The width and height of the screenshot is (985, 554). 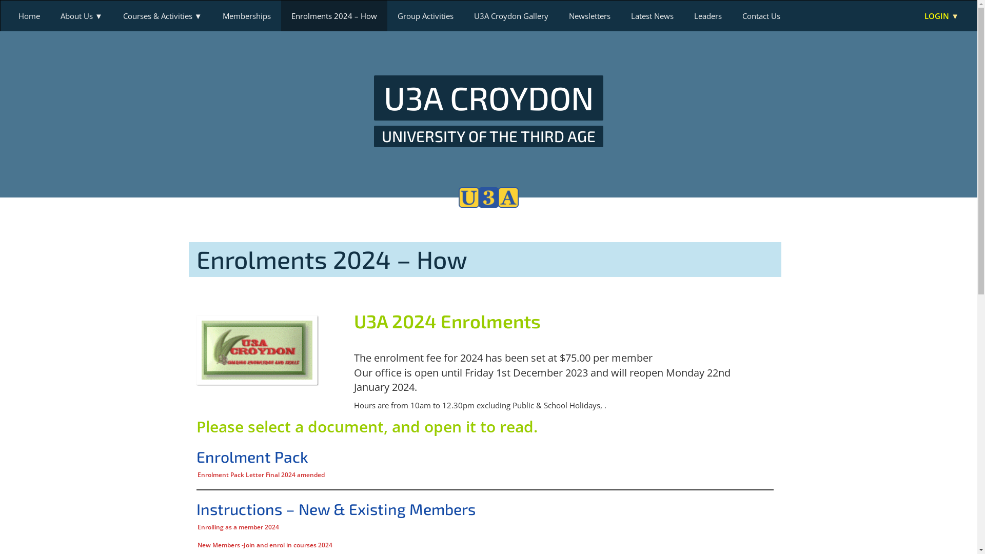 What do you see at coordinates (707, 15) in the screenshot?
I see `'Leaders'` at bounding box center [707, 15].